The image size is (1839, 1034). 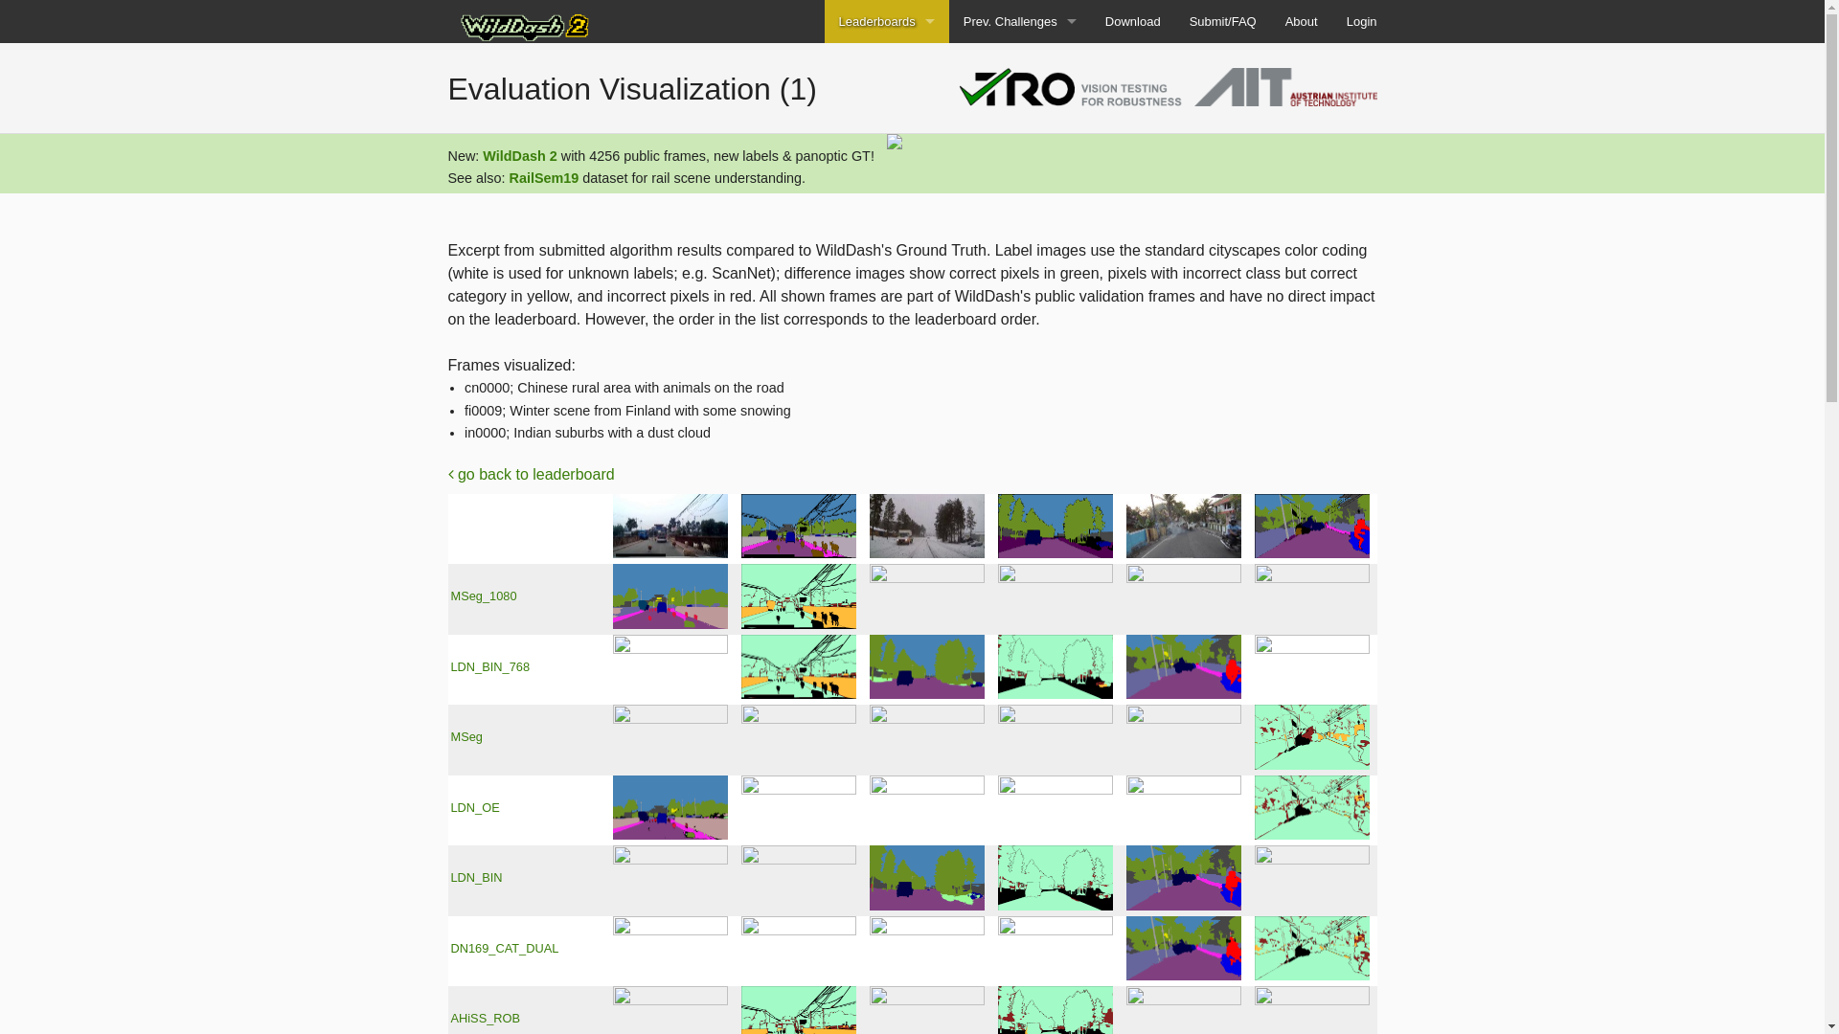 I want to click on 'WD2 Panoptic', so click(x=886, y=63).